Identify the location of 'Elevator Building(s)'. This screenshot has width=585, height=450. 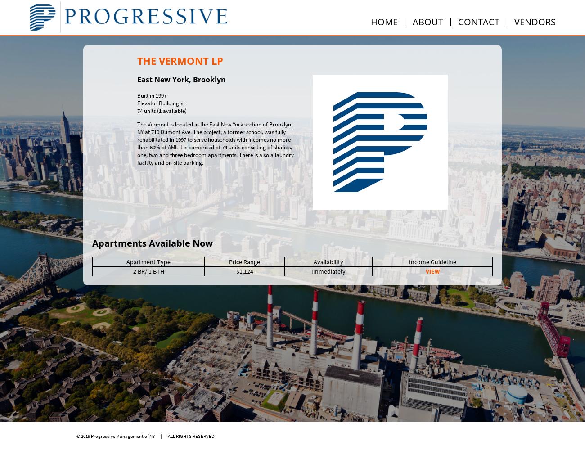
(161, 102).